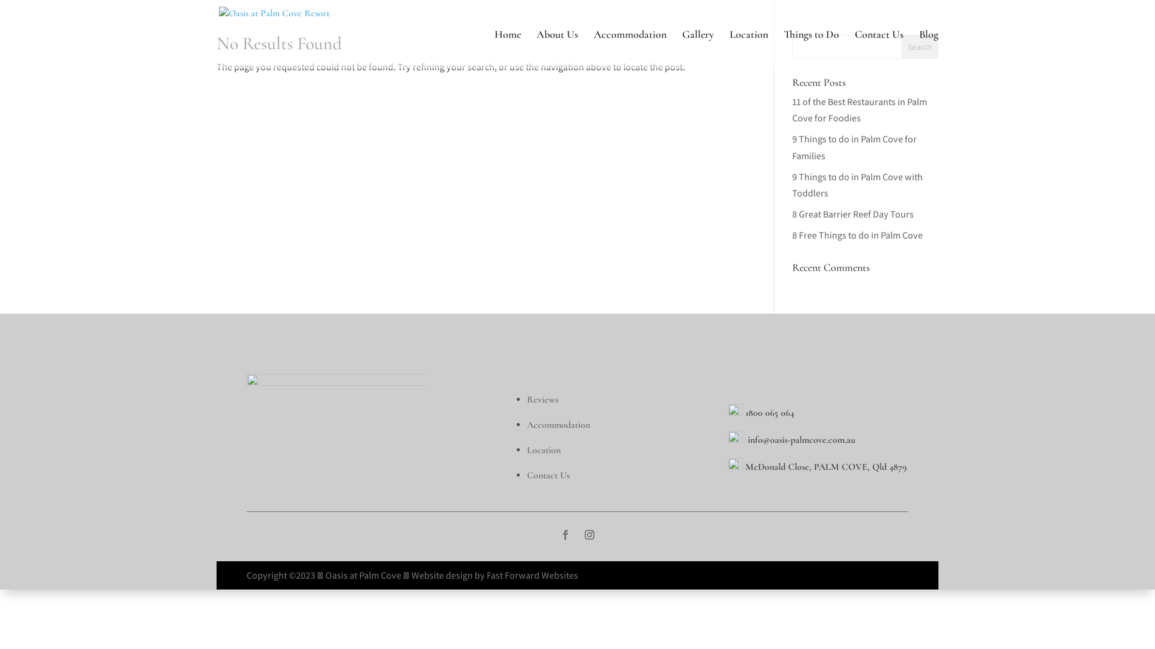 The width and height of the screenshot is (1155, 649). I want to click on 'Follow on Facebook', so click(565, 534).